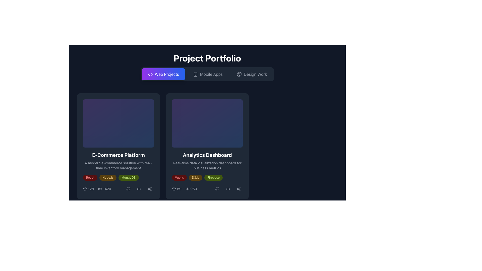 The height and width of the screenshot is (271, 482). What do you see at coordinates (195, 177) in the screenshot?
I see `the D3.js badge, which represents the use of the D3.js library in the Analytics Dashboard project, located in the middle of a group of three technology badges` at bounding box center [195, 177].